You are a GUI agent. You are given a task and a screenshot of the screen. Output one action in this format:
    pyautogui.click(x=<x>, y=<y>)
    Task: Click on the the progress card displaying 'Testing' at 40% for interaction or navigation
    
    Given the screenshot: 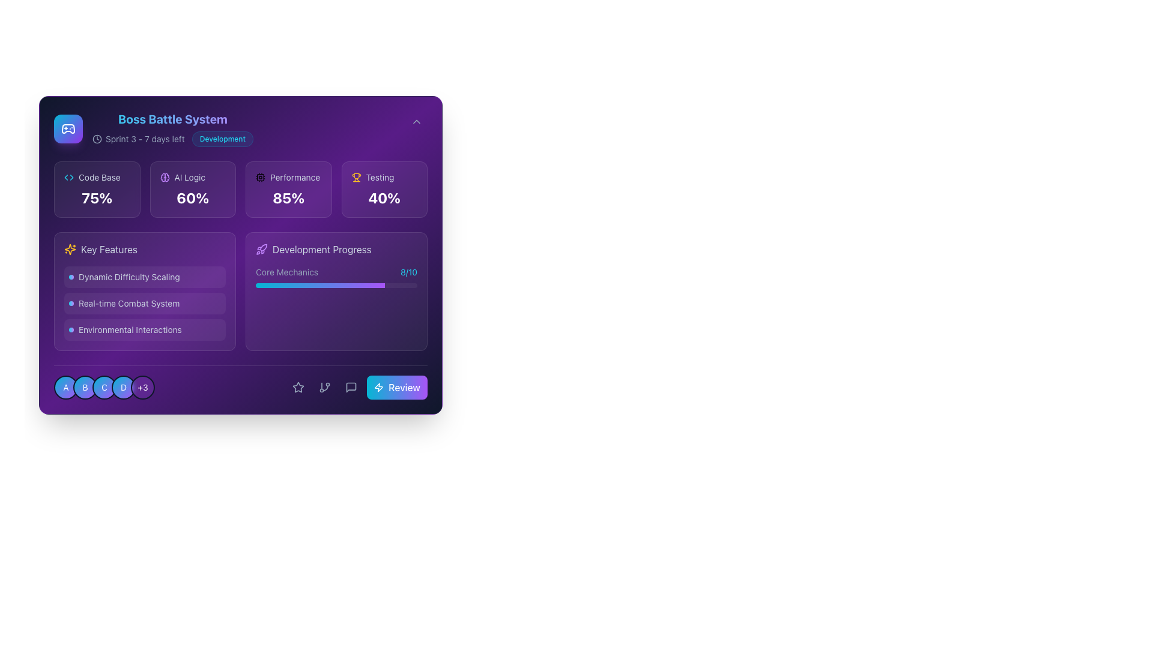 What is the action you would take?
    pyautogui.click(x=384, y=189)
    